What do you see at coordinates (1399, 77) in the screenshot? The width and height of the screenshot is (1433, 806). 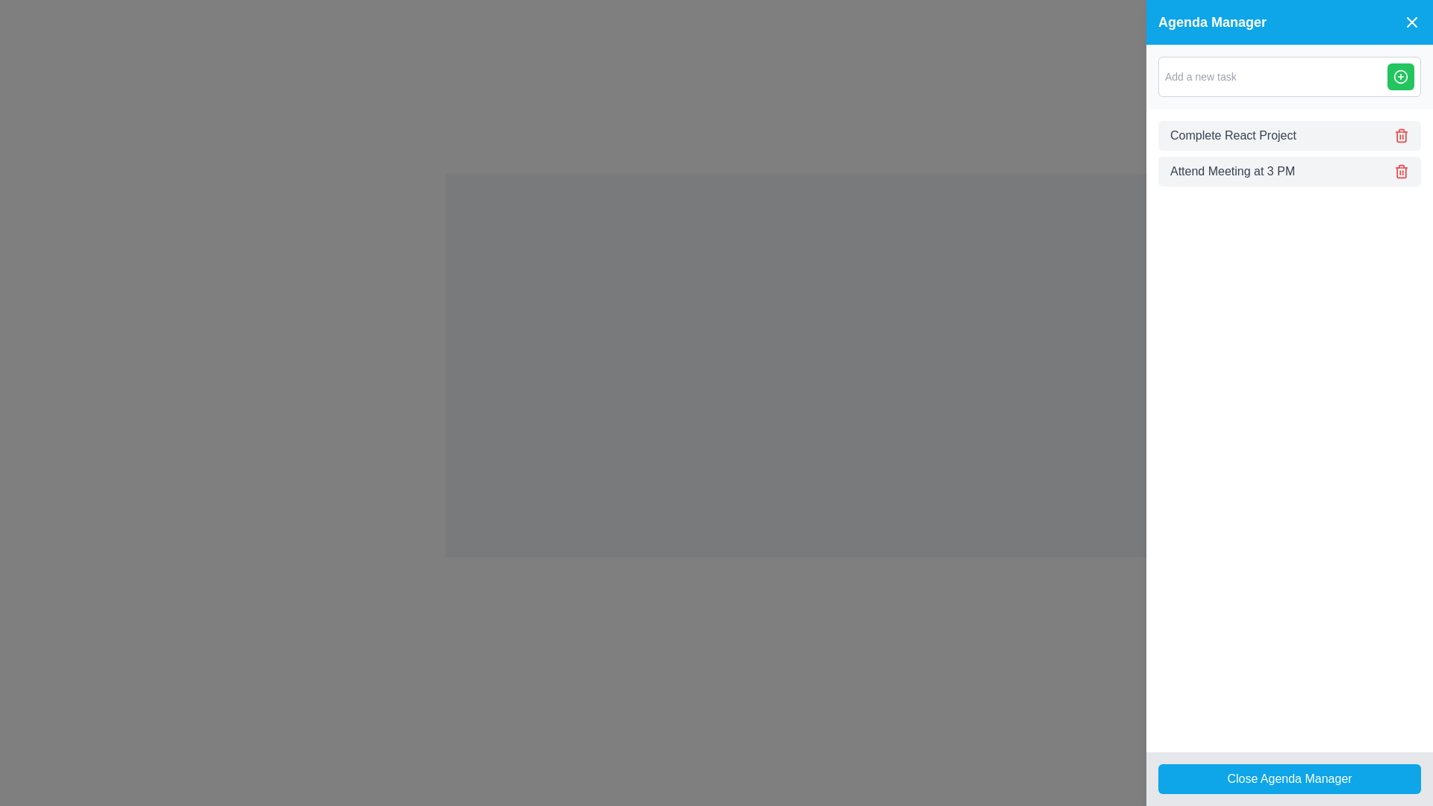 I see `the button located in the upper-right corner of the interface, to the right of the 'Add a new task' input field` at bounding box center [1399, 77].